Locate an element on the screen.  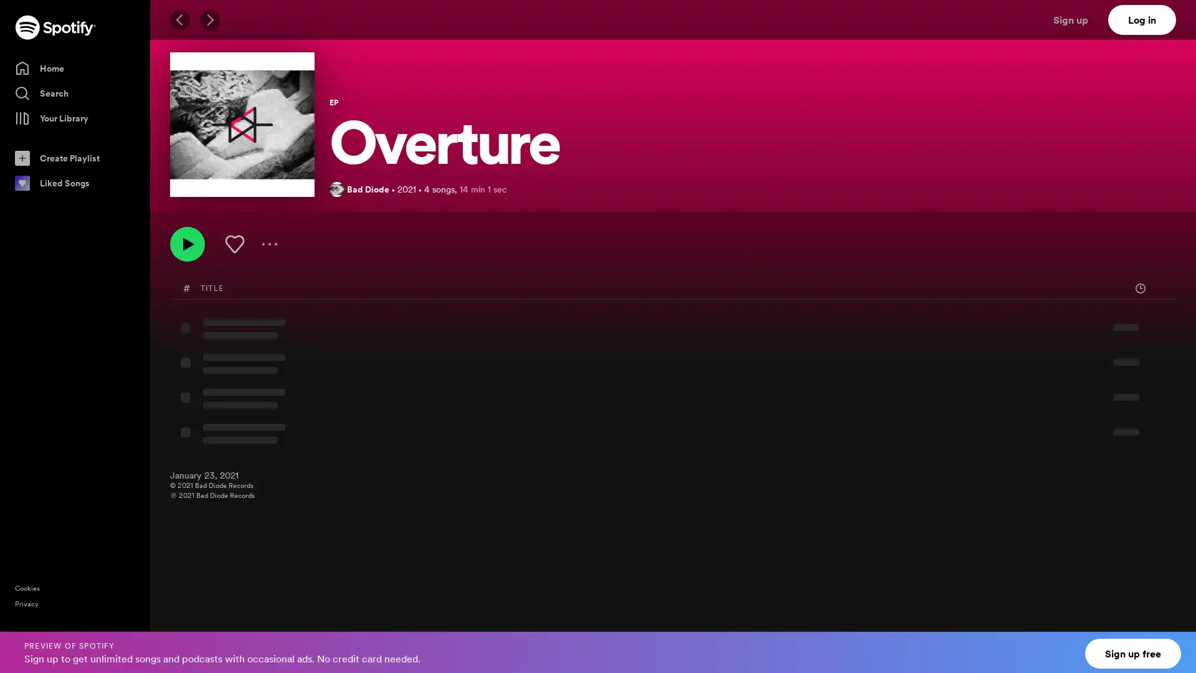
Play MissingNo. by Bad Diode is located at coordinates (185, 397).